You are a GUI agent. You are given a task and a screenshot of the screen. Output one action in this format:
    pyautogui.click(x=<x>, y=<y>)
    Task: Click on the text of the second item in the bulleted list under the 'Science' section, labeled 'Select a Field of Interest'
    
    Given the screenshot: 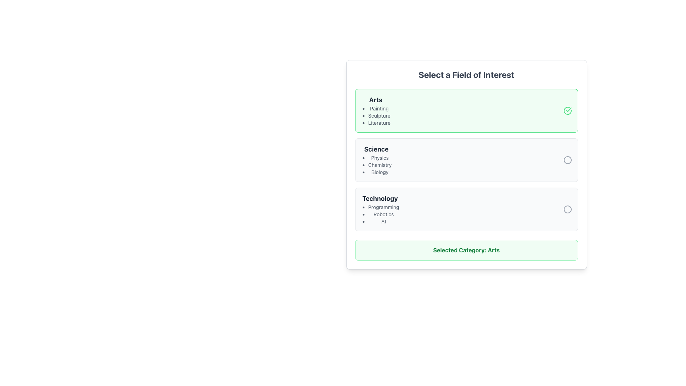 What is the action you would take?
    pyautogui.click(x=379, y=165)
    